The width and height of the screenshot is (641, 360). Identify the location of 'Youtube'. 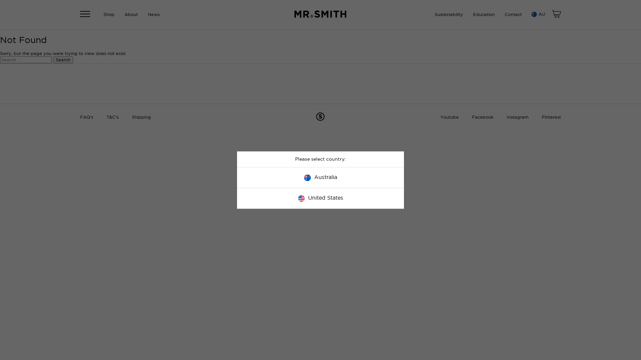
(440, 117).